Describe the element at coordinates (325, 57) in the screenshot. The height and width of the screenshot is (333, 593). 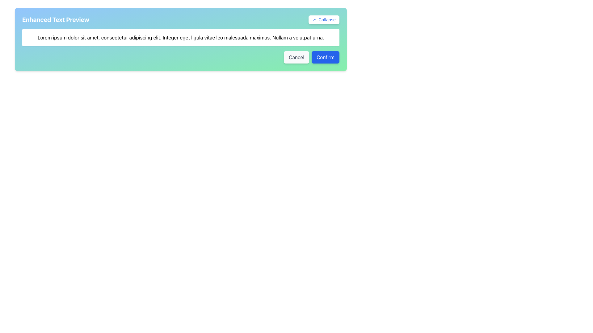
I see `the 'Confirm' button` at that location.